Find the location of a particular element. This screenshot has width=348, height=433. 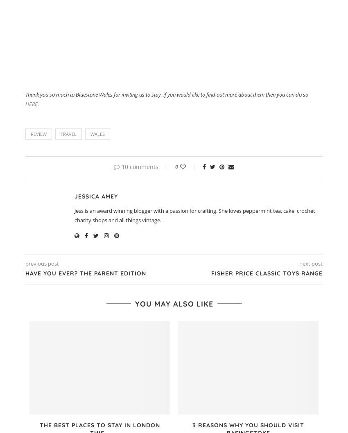

'Twitter' is located at coordinates (212, 184).